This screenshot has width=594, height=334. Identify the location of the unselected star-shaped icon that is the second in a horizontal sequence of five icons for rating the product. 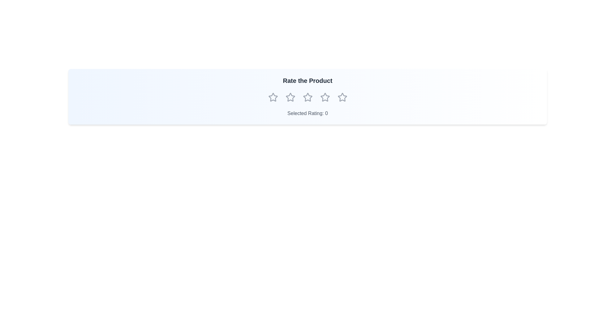
(290, 97).